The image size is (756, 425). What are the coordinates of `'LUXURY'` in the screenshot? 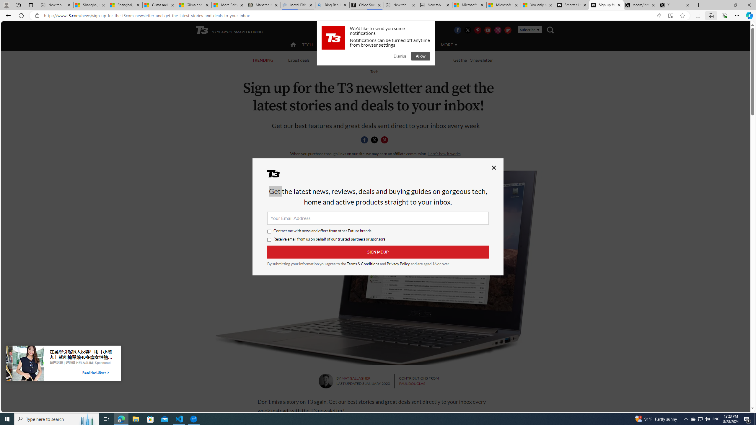 It's located at (397, 44).